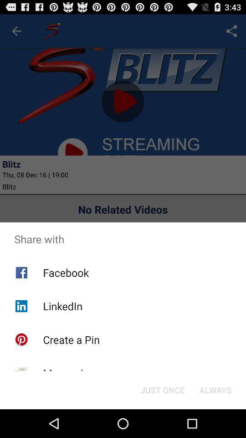 The height and width of the screenshot is (438, 246). Describe the element at coordinates (76, 404) in the screenshot. I see `the android beam app` at that location.